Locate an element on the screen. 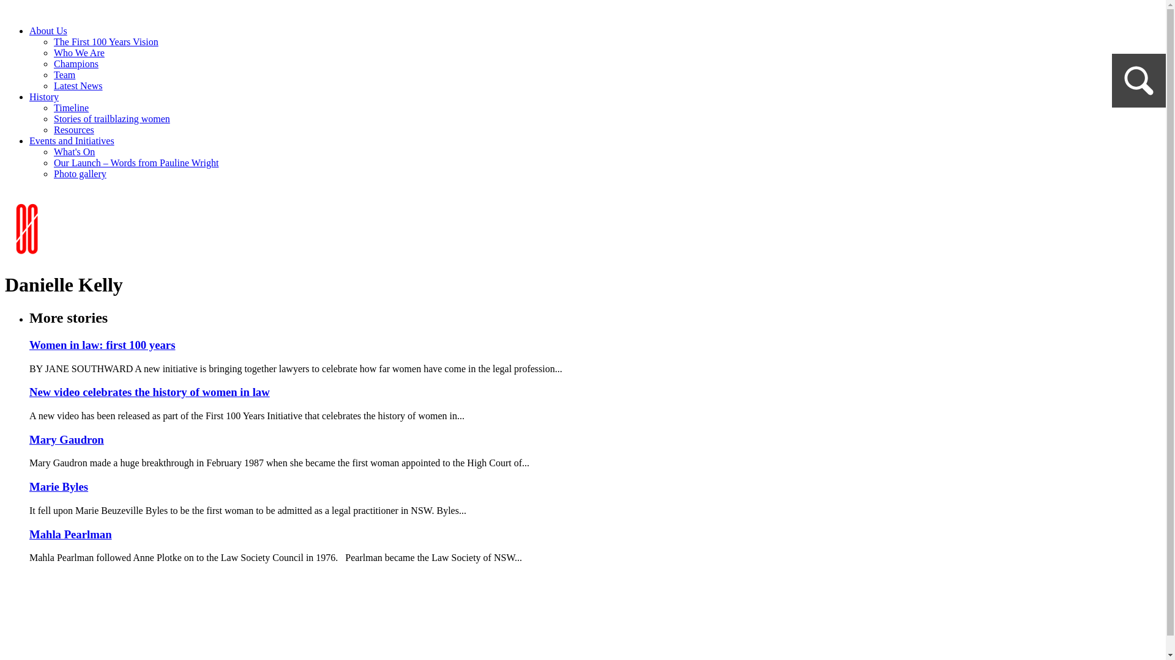 This screenshot has height=660, width=1175. 'What's On' is located at coordinates (73, 151).